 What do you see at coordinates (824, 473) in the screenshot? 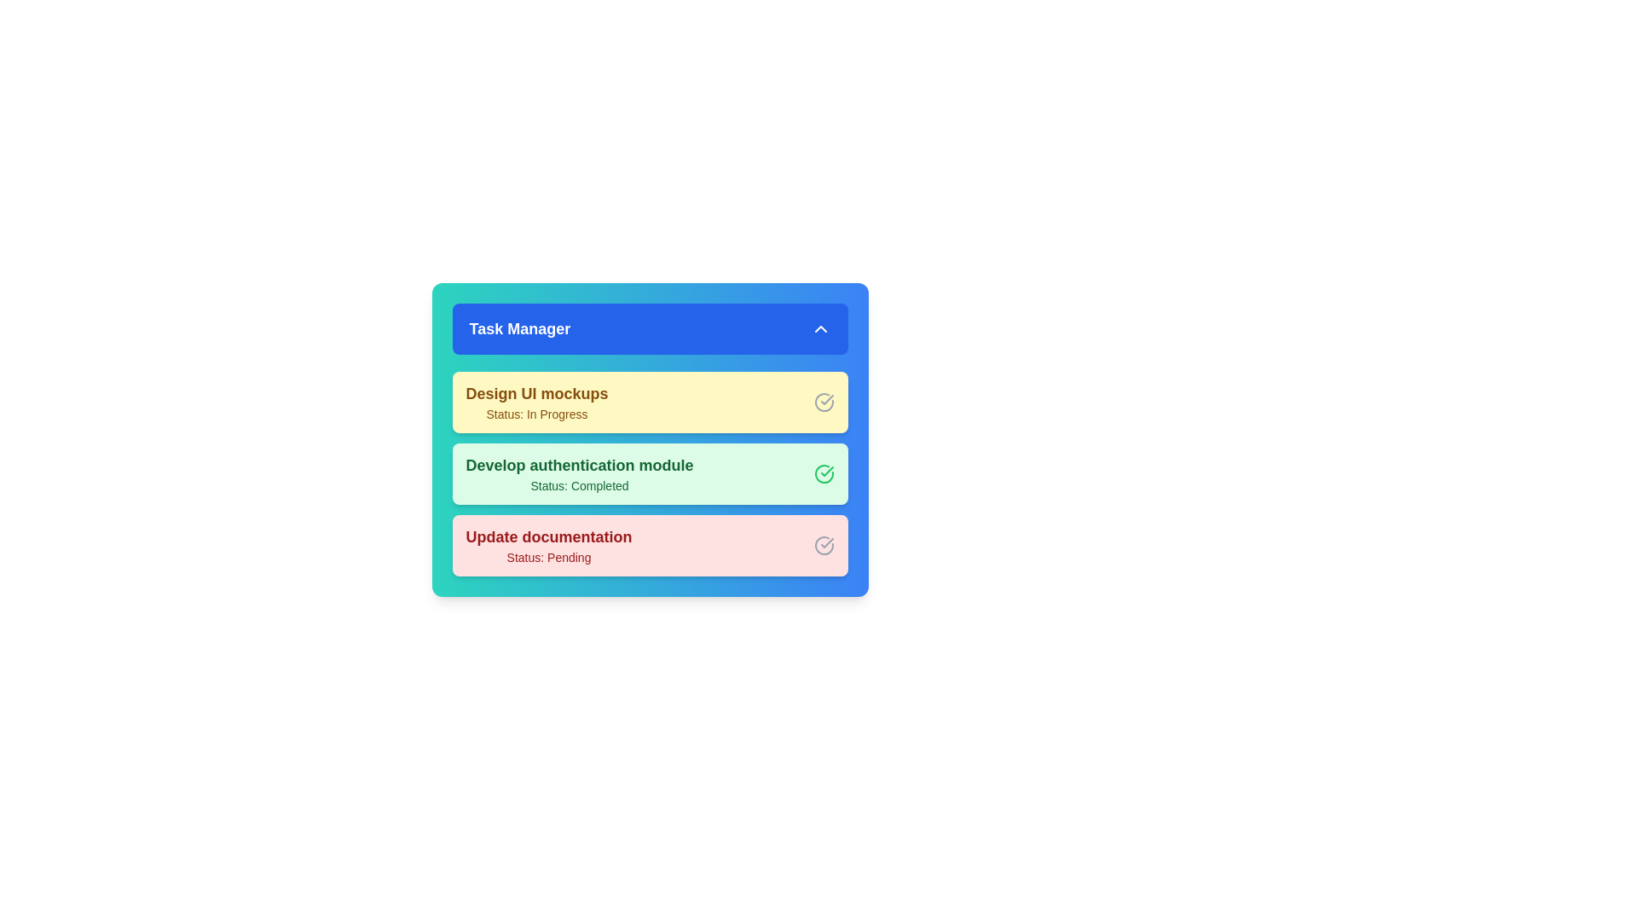
I see `the status icon of the task with name Develop authentication module` at bounding box center [824, 473].